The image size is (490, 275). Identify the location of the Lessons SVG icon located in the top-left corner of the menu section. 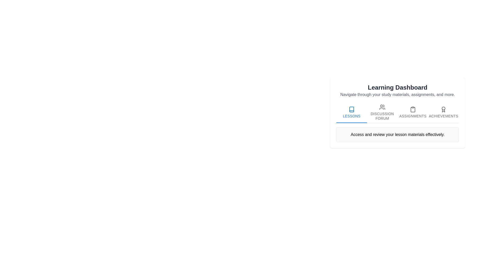
(351, 109).